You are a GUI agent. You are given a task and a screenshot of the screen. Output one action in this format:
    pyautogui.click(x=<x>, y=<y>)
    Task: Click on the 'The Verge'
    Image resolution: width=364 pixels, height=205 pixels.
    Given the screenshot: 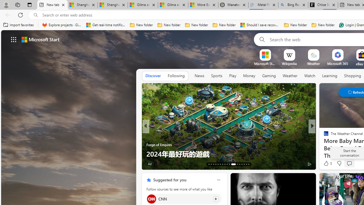 What is the action you would take?
    pyautogui.click(x=324, y=135)
    